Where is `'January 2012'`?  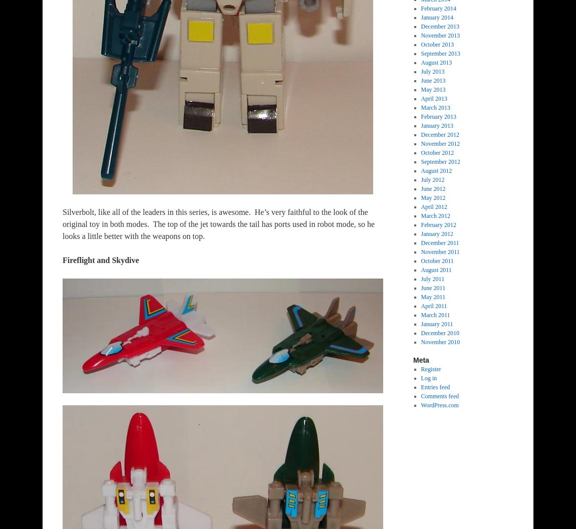 'January 2012' is located at coordinates (437, 233).